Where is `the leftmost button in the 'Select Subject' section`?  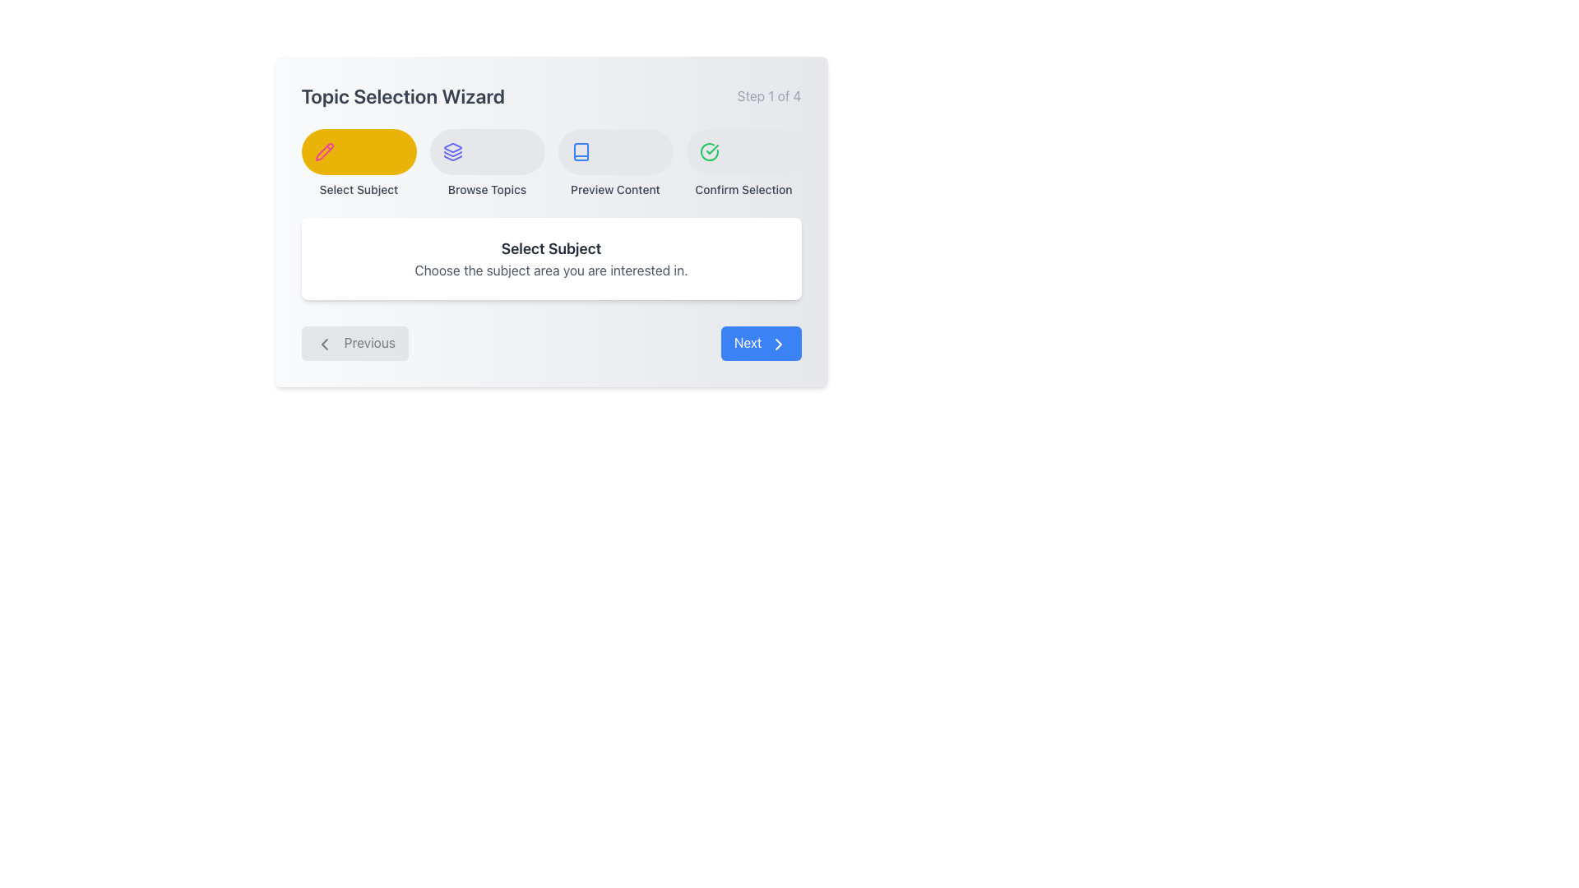 the leftmost button in the 'Select Subject' section is located at coordinates (358, 152).